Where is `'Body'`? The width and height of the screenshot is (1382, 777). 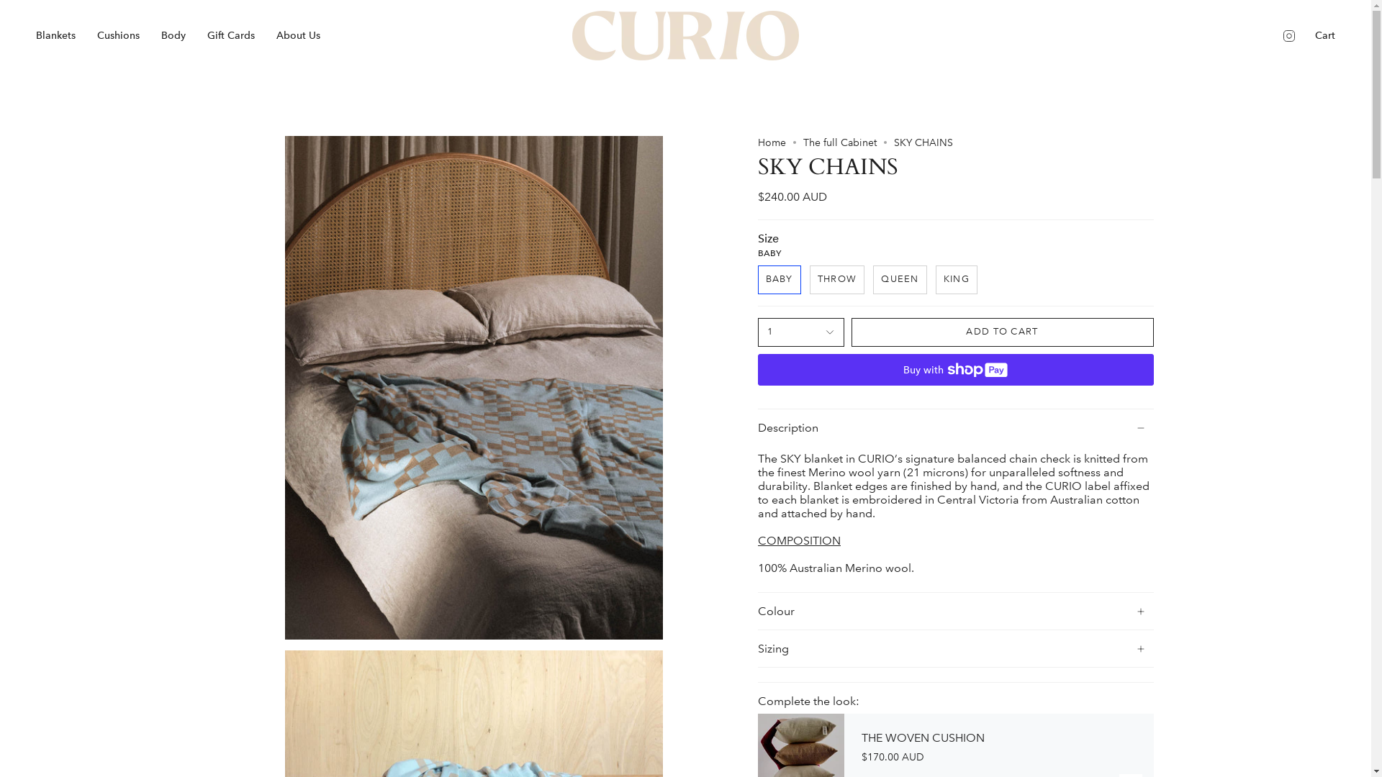 'Body' is located at coordinates (173, 35).